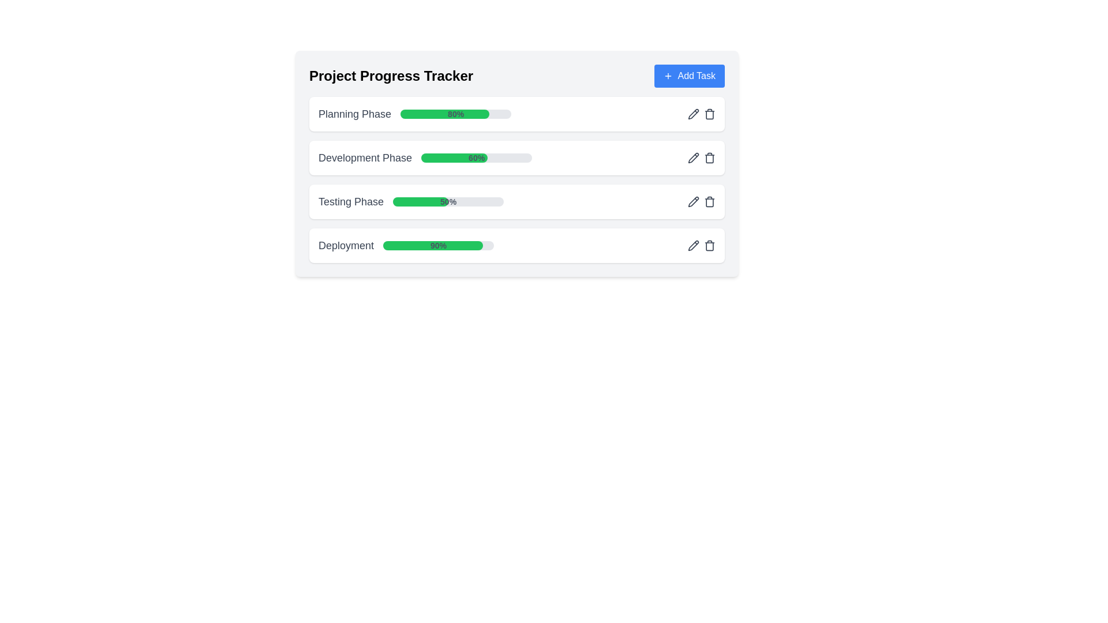  I want to click on label 'Deployment 90%' from the progress bar element that is predominantly green and indicates 90% completion, positioned at the bottom-most row of project phases, so click(406, 245).